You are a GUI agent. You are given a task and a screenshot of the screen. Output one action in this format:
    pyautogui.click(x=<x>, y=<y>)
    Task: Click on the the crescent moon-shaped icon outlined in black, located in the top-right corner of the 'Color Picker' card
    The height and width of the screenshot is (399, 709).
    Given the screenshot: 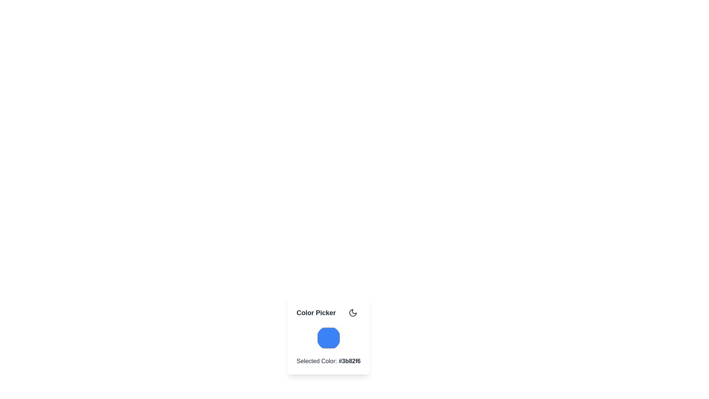 What is the action you would take?
    pyautogui.click(x=353, y=313)
    